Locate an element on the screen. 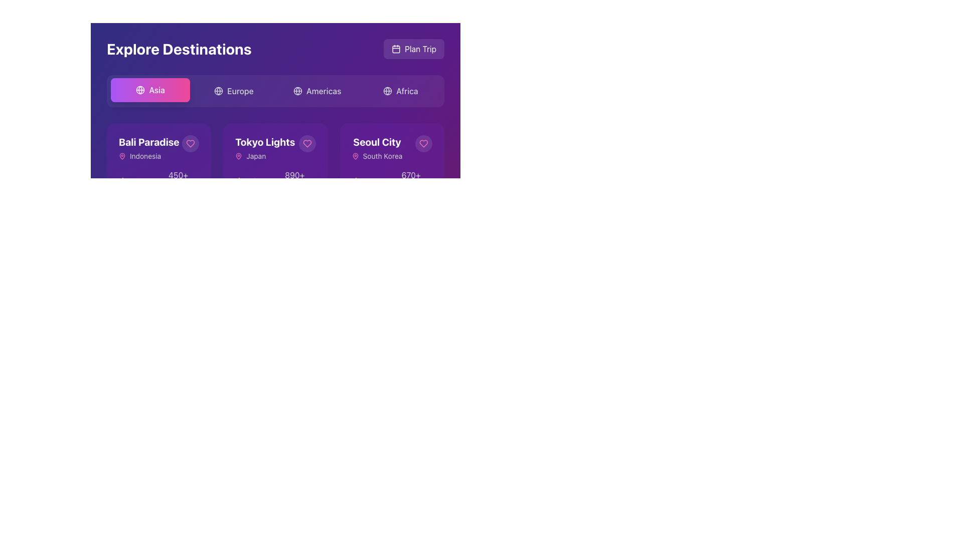 The height and width of the screenshot is (541, 963). the circular portion of the 'Africa' region icon located in the top navigation bar is located at coordinates (387, 91).